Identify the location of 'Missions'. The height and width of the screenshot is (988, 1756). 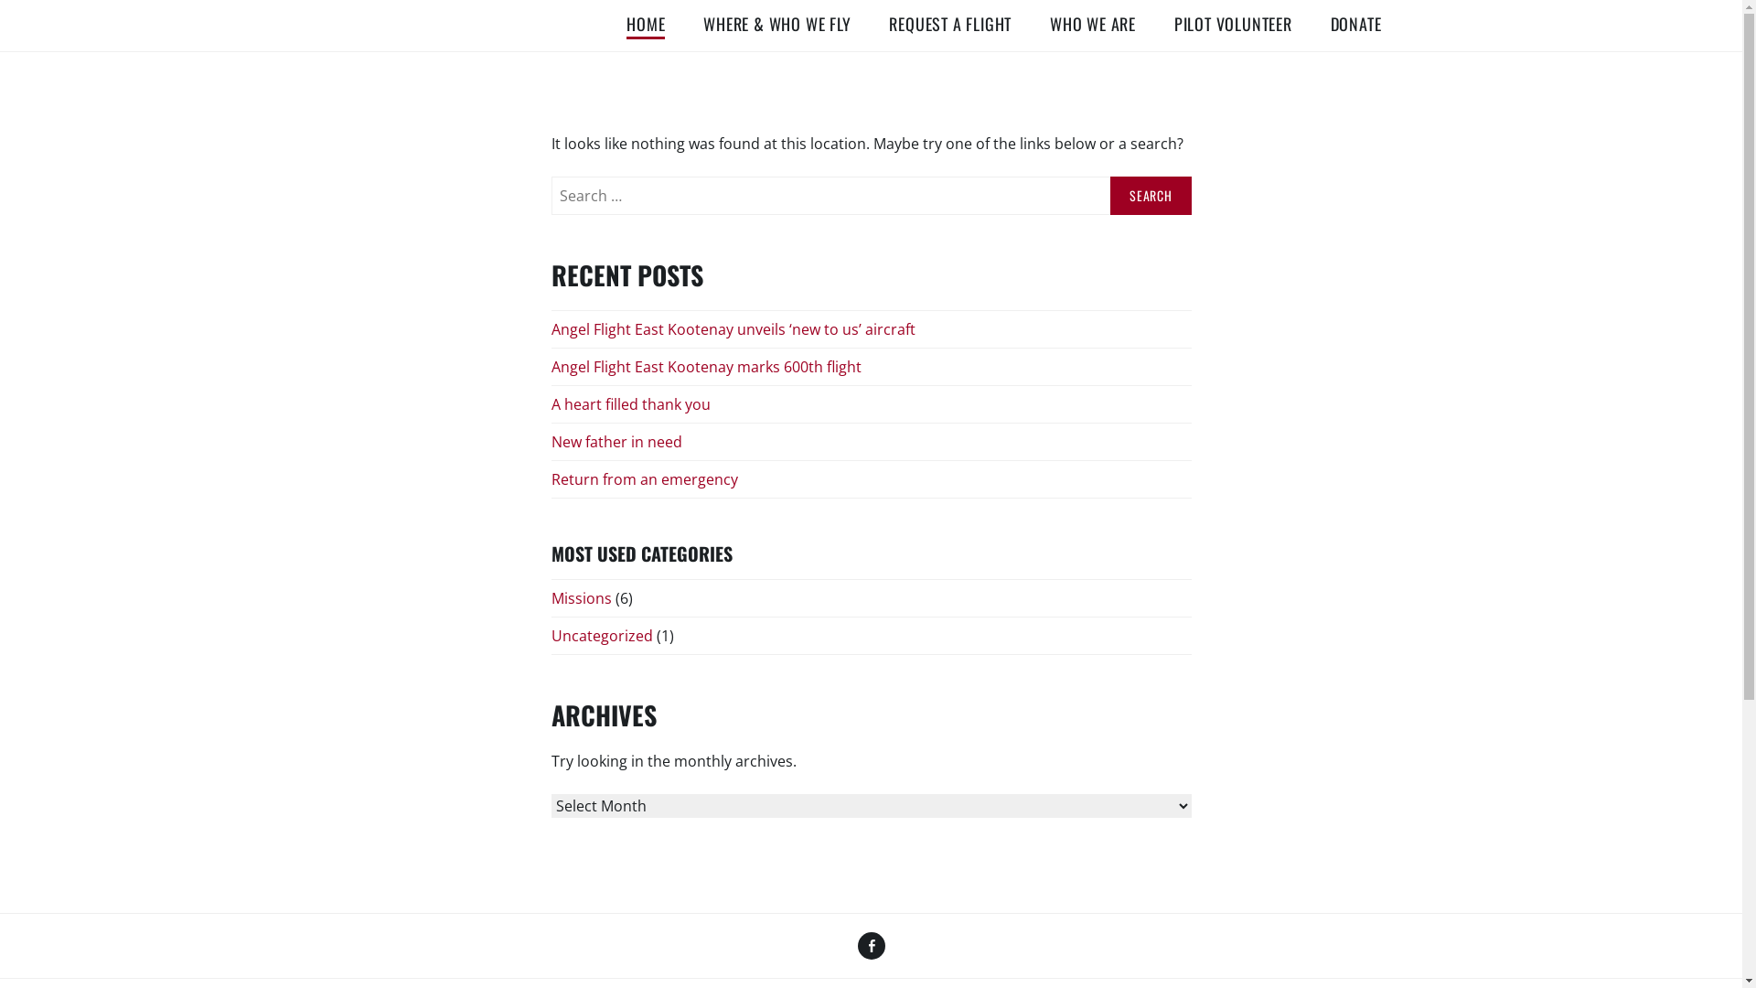
(579, 599).